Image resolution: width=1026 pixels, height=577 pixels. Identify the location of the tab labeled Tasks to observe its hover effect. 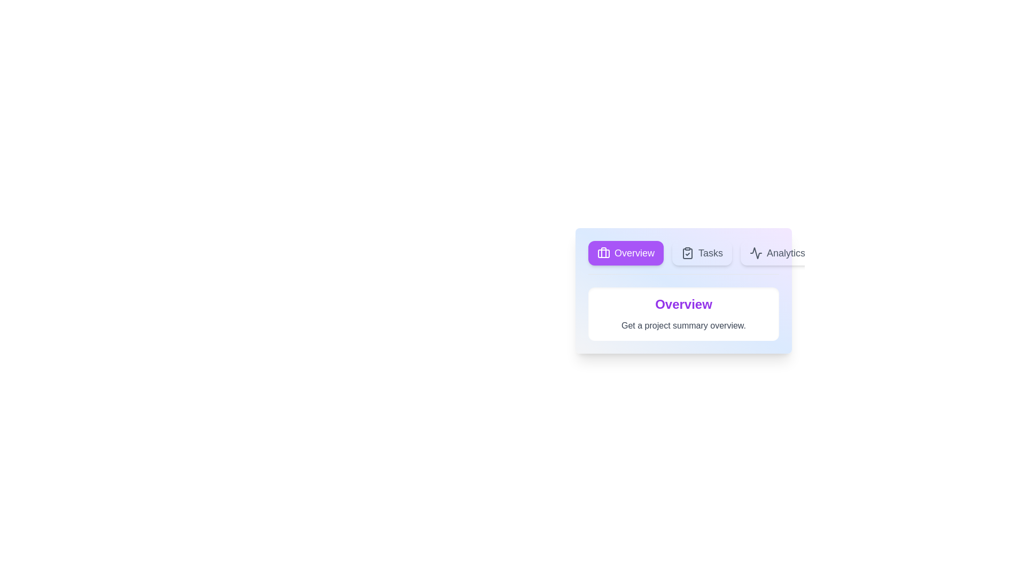
(702, 253).